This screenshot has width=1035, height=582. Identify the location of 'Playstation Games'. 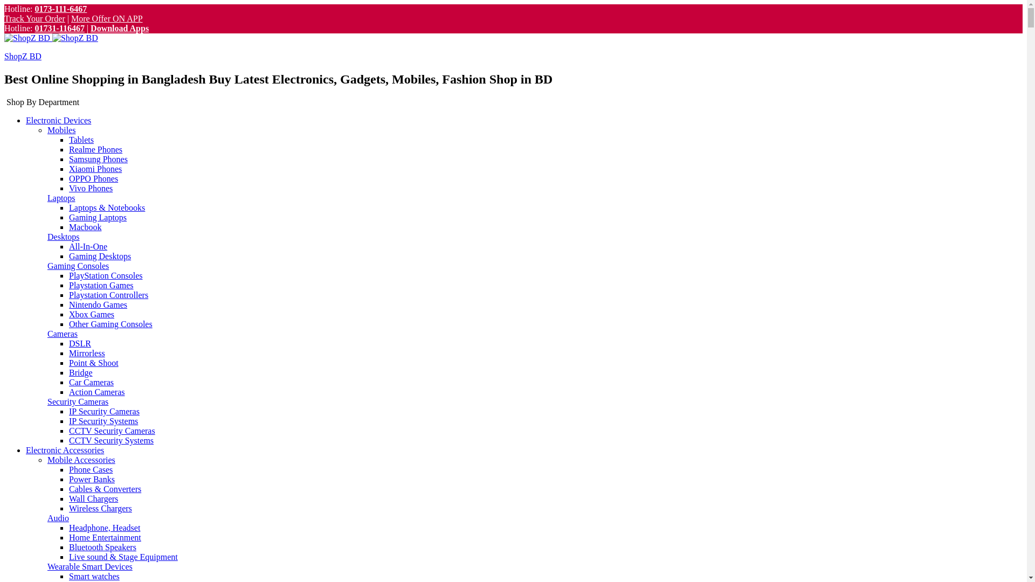
(101, 285).